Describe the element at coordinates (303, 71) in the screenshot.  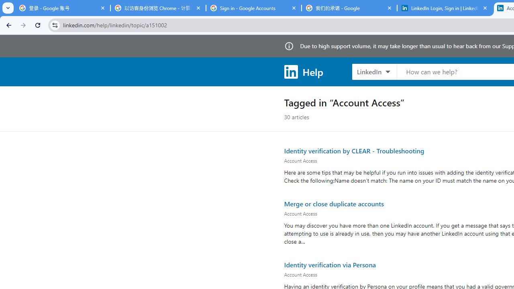
I see `'Help'` at that location.